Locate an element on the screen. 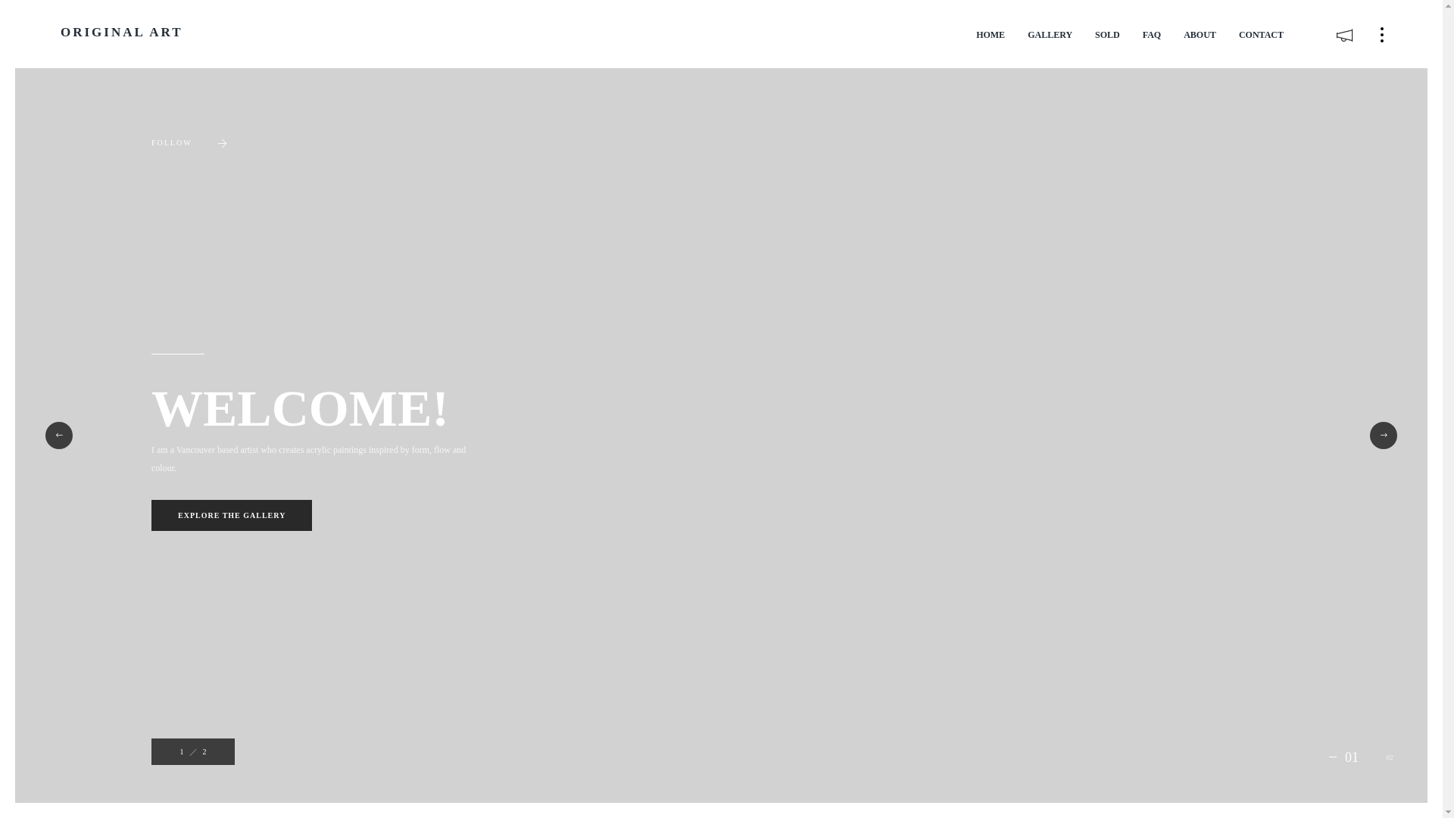  'GALLERY' is located at coordinates (1049, 34).